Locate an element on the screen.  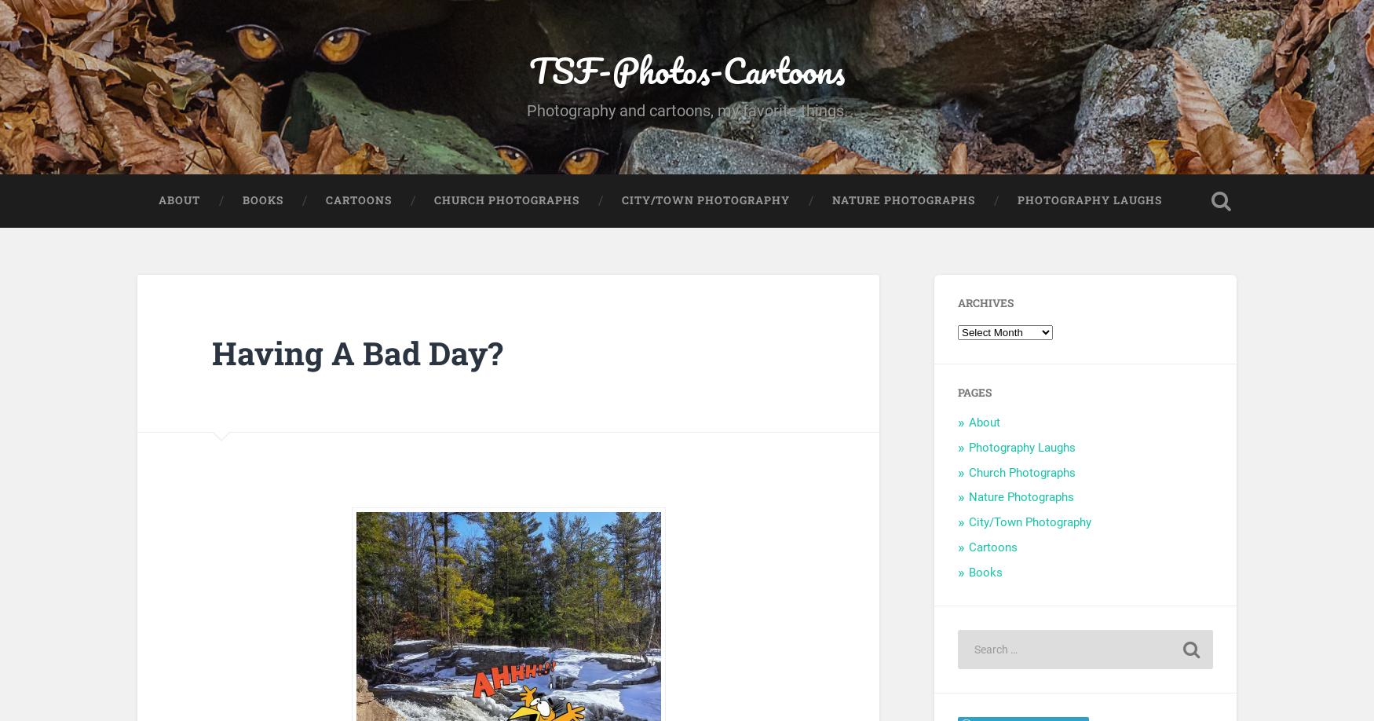
'Church Photographs' is located at coordinates (1021, 471).